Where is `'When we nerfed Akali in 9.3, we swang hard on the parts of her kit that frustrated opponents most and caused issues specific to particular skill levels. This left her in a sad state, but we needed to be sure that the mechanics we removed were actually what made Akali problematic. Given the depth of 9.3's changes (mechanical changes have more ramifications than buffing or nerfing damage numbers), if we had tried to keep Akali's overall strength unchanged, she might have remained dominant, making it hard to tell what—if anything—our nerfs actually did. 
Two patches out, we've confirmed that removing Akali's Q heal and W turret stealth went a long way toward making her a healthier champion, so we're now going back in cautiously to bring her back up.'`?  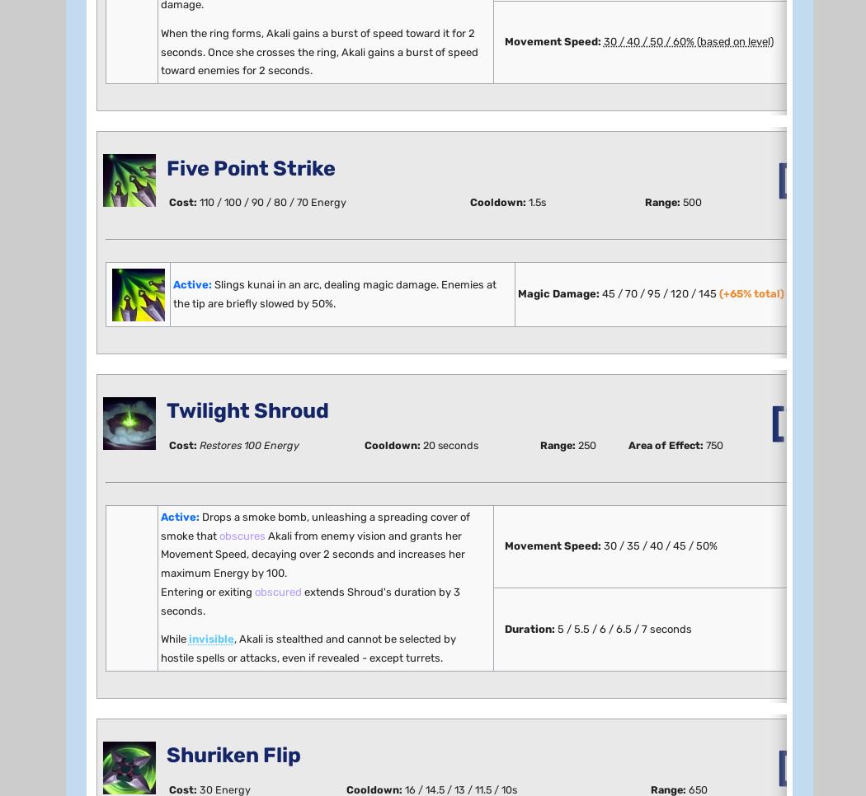
'When we nerfed Akali in 9.3, we swang hard on the parts of her kit that frustrated opponents most and caused issues specific to particular skill levels. This left her in a sad state, but we needed to be sure that the mechanics we removed were actually what made Akali problematic. Given the depth of 9.3's changes (mechanical changes have more ramifications than buffing or nerfing damage numbers), if we had tried to keep Akali's overall strength unchanged, she might have remained dominant, making it hard to tell what—if anything—our nerfs actually did. 
Two patches out, we've confirmed that removing Akali's Q heal and W turret stealth went a long way toward making her a healthier champion, so we're now going back in cautiously to bring her back up.' is located at coordinates (445, 273).